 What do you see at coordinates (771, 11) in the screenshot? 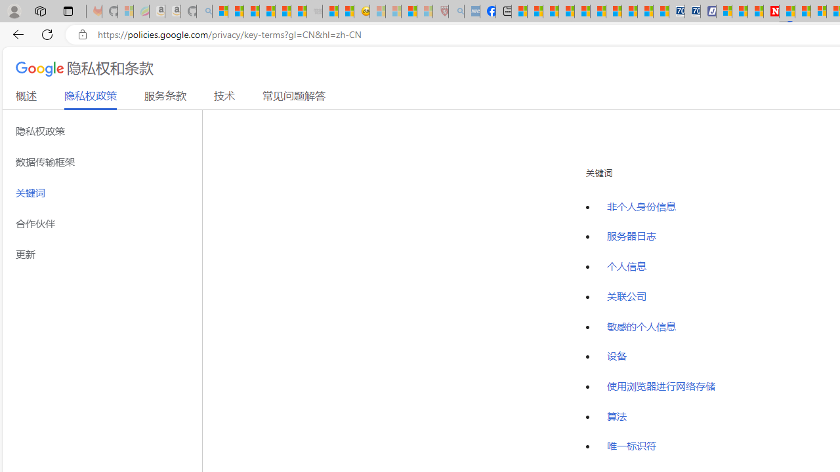
I see `'Newsweek - News, Analysis, Politics, Business, Technology'` at bounding box center [771, 11].